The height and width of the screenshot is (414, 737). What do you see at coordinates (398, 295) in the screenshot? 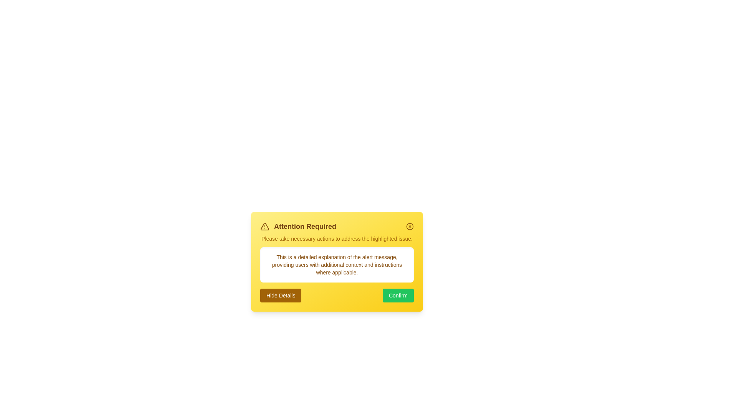
I see `the 'Confirm' button to acknowledge the alert` at bounding box center [398, 295].